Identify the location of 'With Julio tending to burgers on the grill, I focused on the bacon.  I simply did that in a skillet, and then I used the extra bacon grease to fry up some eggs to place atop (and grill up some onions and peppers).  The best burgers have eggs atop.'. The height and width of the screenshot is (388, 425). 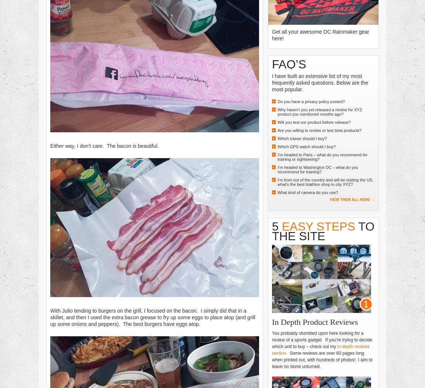
(152, 317).